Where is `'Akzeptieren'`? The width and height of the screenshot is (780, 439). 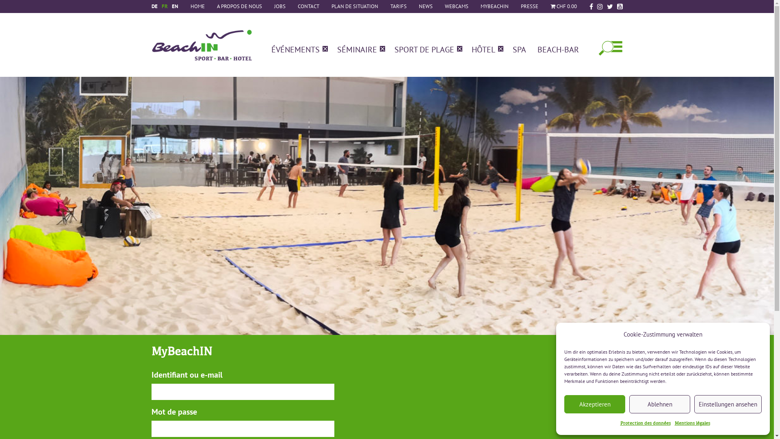 'Akzeptieren' is located at coordinates (595, 404).